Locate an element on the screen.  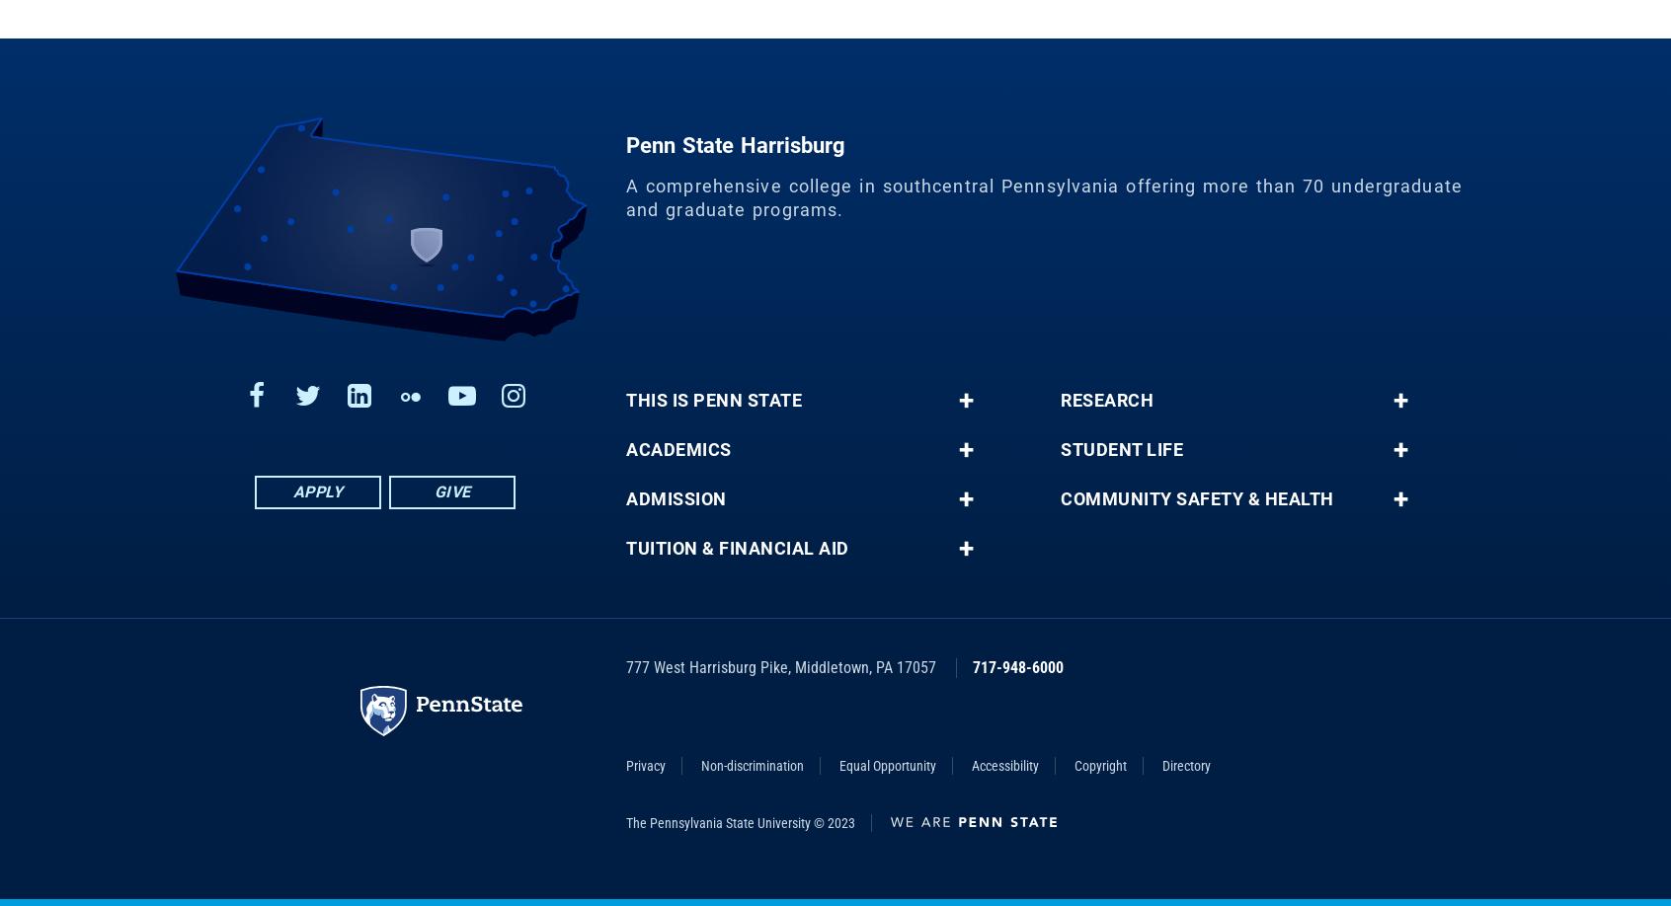
'Tuition & Financial Aid' is located at coordinates (736, 562).